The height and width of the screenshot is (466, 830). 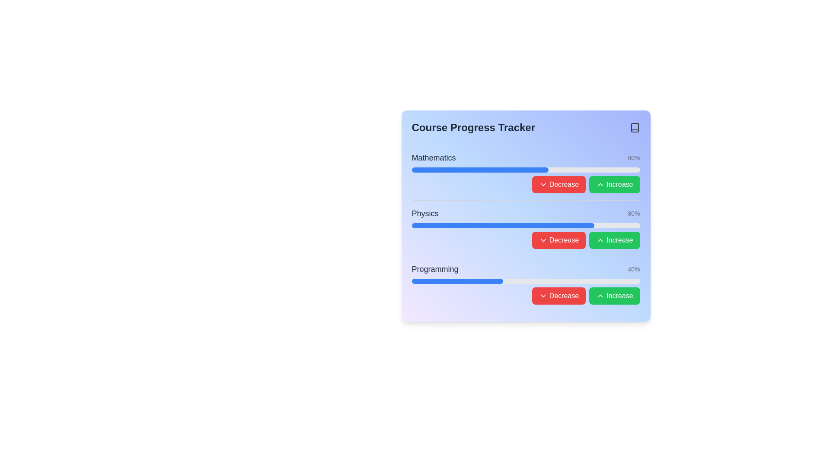 I want to click on the second button, so click(x=614, y=240).